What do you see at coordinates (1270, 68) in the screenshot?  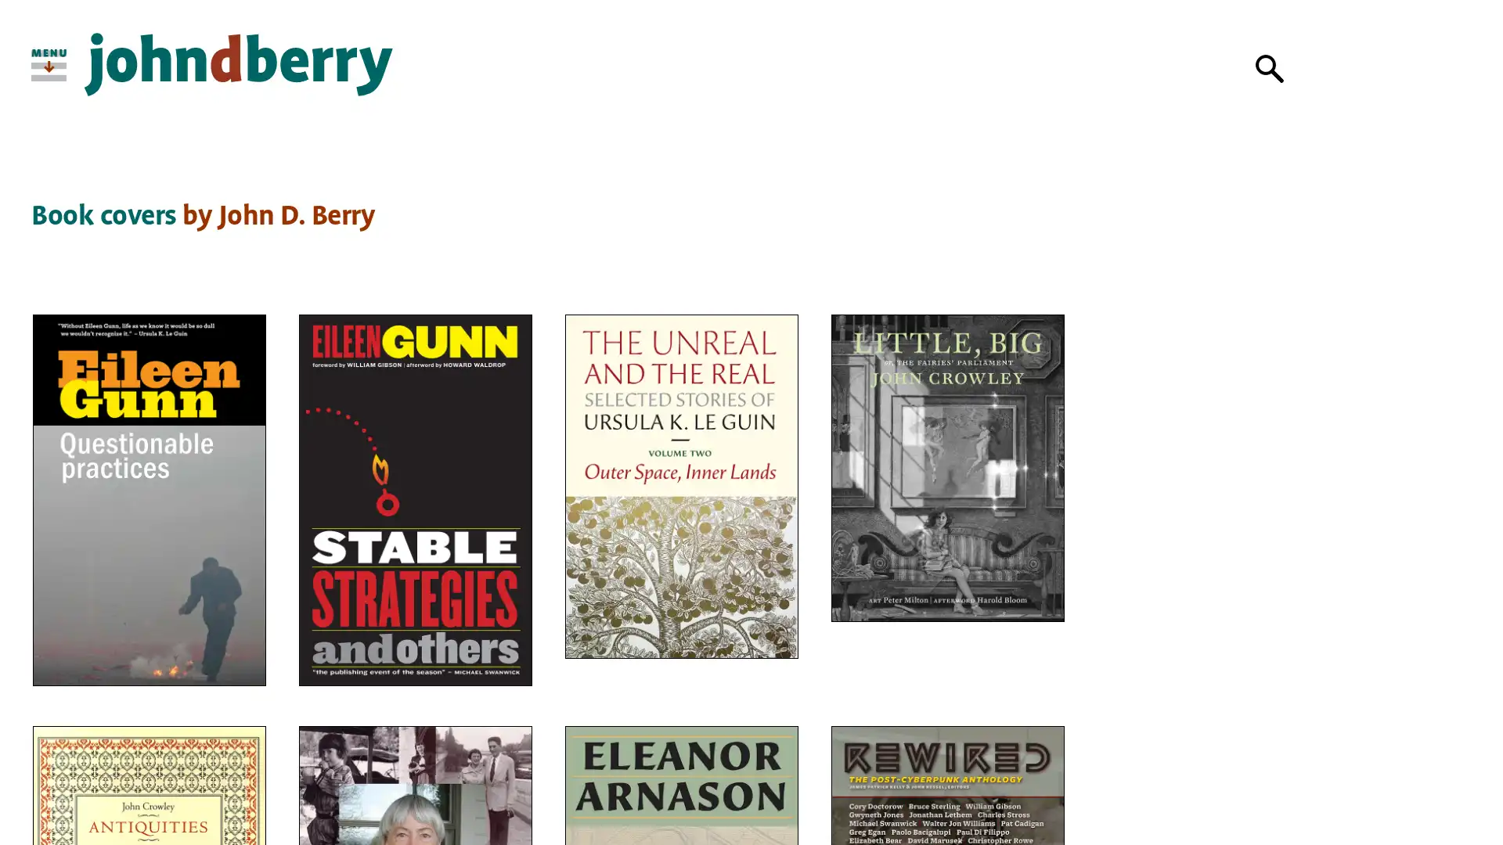 I see `Search` at bounding box center [1270, 68].